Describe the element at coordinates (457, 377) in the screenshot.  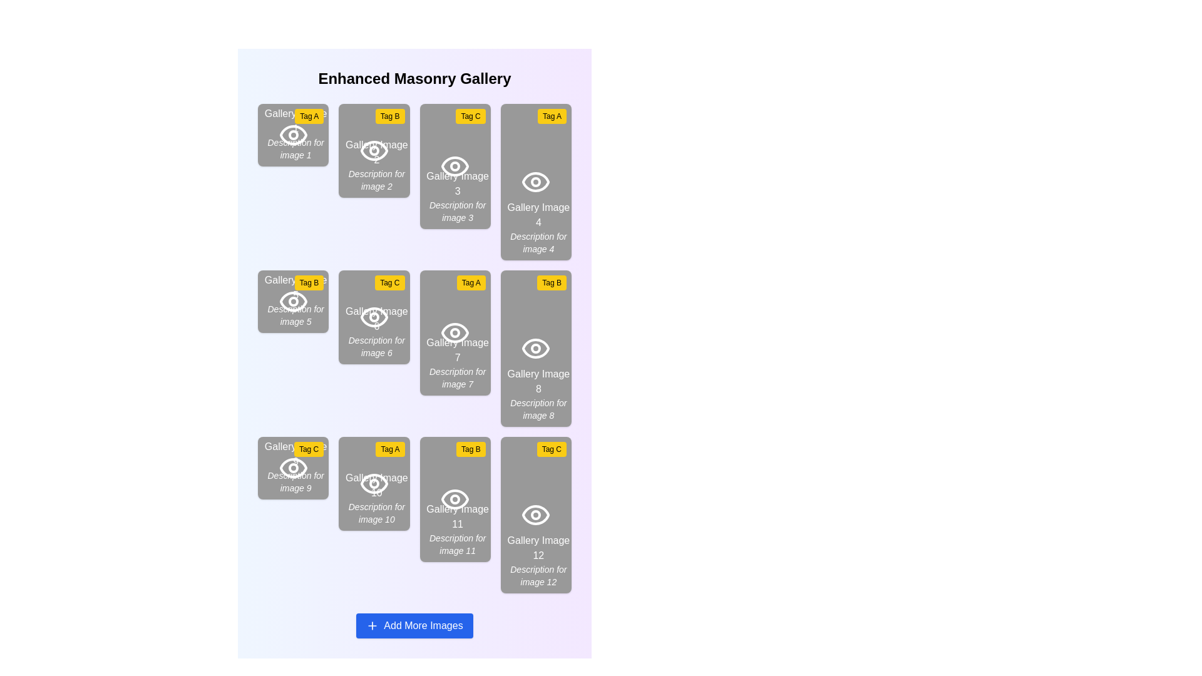
I see `the text label displaying 'Description for image 7' located under 'Gallery Image 7' in the fourth row of the masonry gallery` at that location.